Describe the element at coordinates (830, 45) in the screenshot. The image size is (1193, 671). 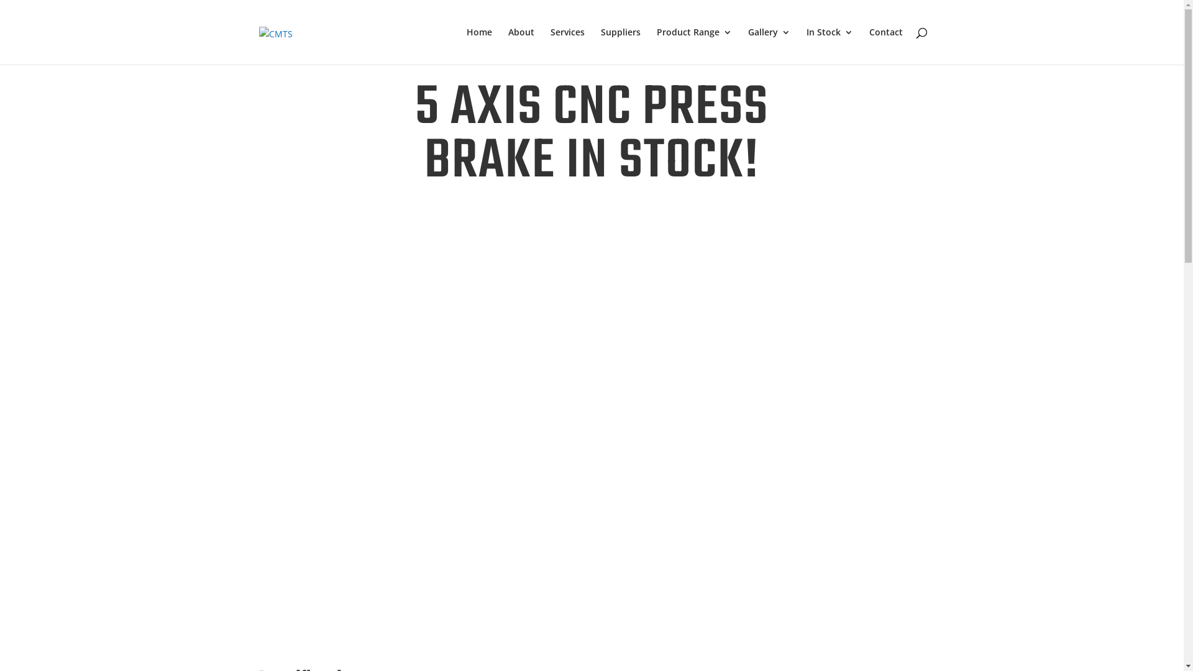
I see `'In Stock'` at that location.